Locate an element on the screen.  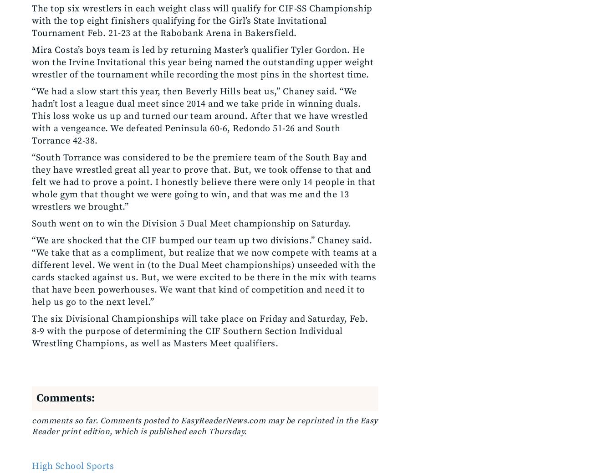
'Comments:' is located at coordinates (65, 398).